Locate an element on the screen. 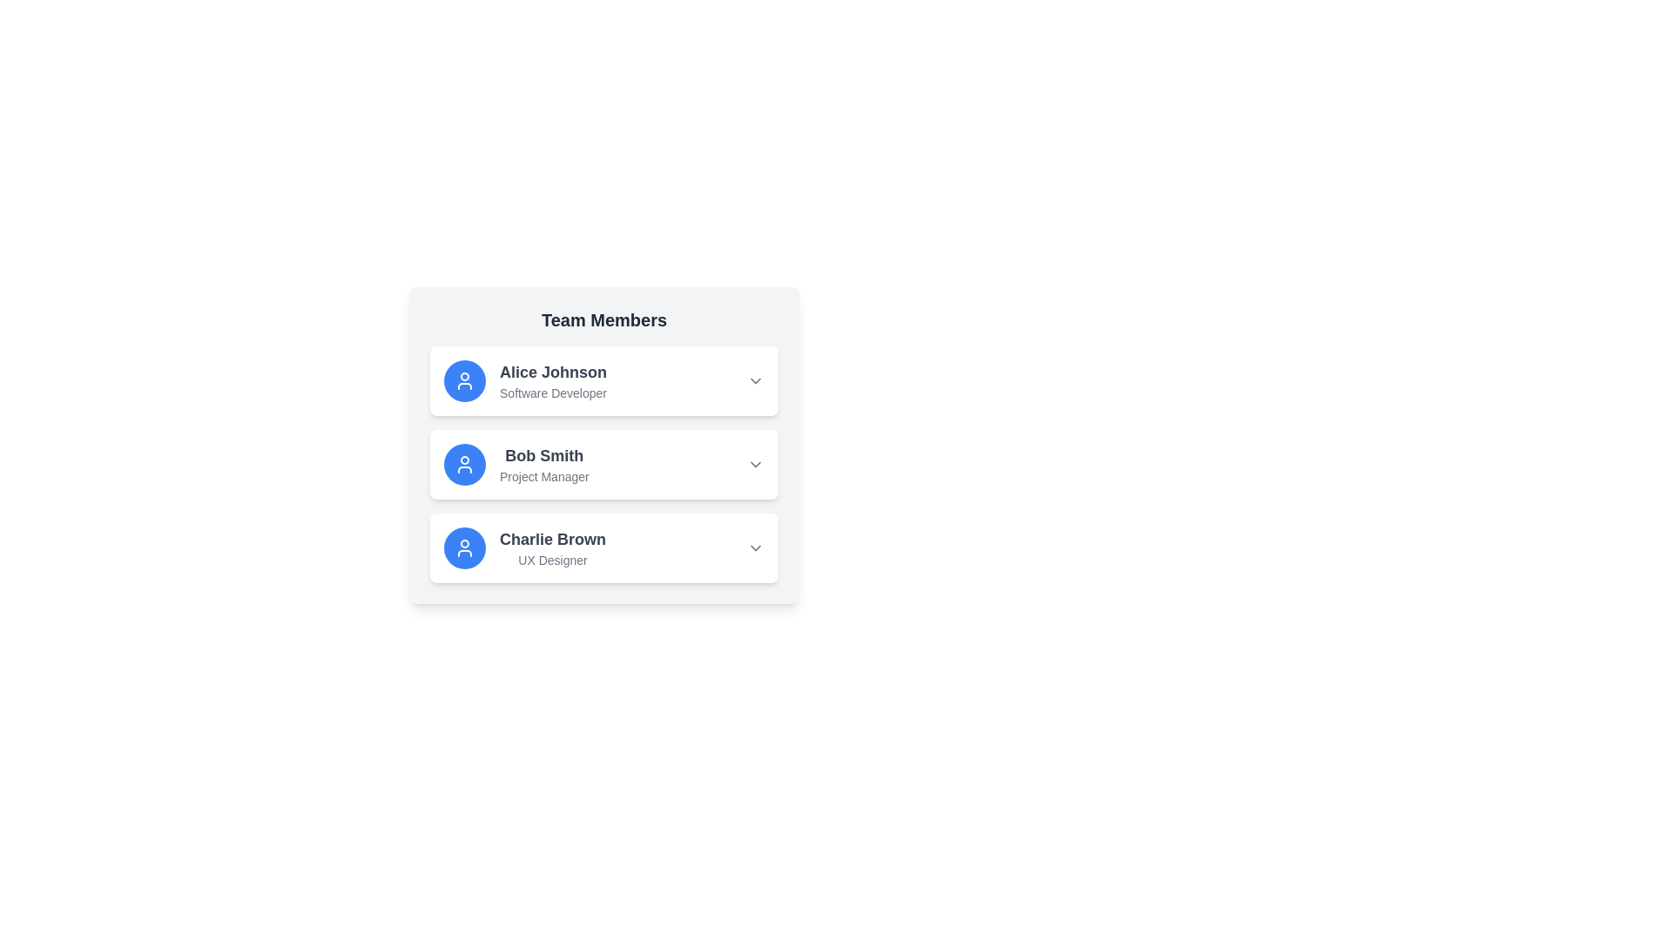  the Text block displaying team member 'Bob Smith' and their role 'Project Manager', located in the 'Team Members' section, below 'Alice Johnson' and above 'Charlie Brown' is located at coordinates (543, 463).